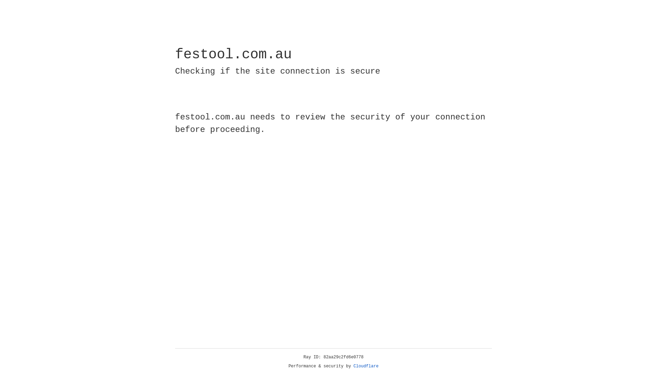 The image size is (667, 375). Describe the element at coordinates (353, 366) in the screenshot. I see `'Cloudflare'` at that location.